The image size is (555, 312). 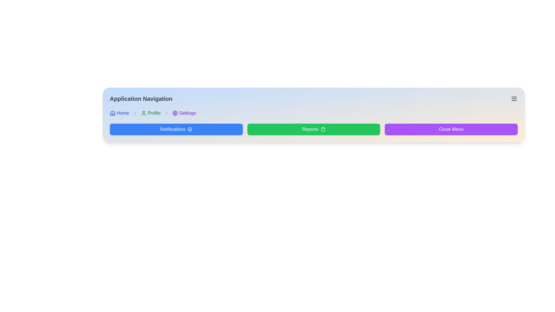 I want to click on the 'Home' vector icon located in the navigation menu at the top left corner of the interface, so click(x=112, y=113).